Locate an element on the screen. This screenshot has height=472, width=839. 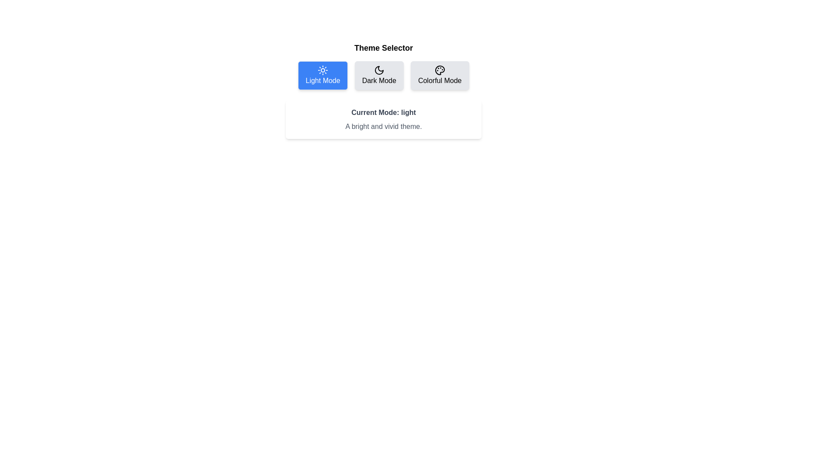
the crescent moon icon for Dark Mode, which is the second icon in the row of options between Light Mode and Colorful Mode is located at coordinates (379, 70).